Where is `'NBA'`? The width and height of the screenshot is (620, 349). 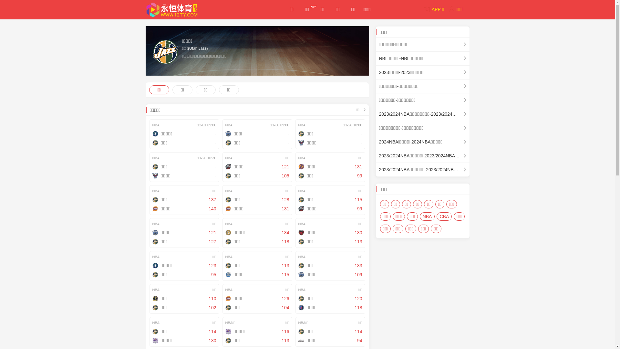 'NBA' is located at coordinates (427, 217).